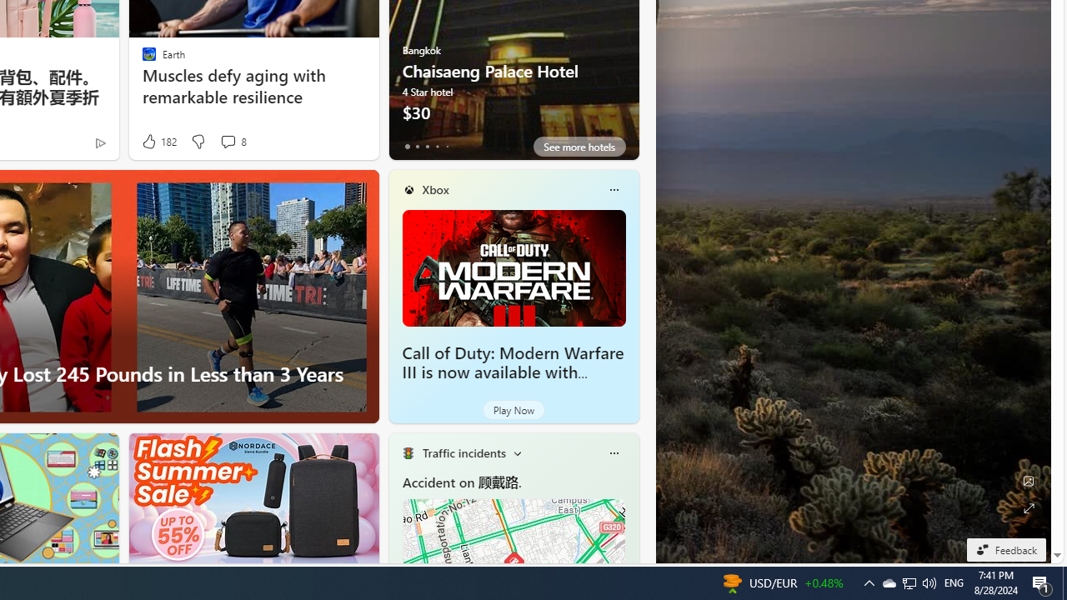 This screenshot has height=600, width=1067. What do you see at coordinates (1027, 481) in the screenshot?
I see `'Edit Background'` at bounding box center [1027, 481].